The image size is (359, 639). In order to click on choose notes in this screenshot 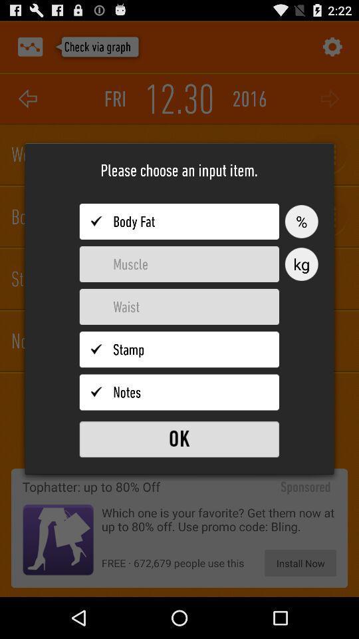, I will do `click(179, 392)`.